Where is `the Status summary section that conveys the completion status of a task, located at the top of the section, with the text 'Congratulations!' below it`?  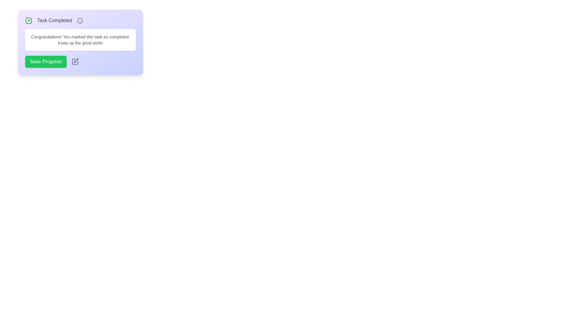 the Status summary section that conveys the completion status of a task, located at the top of the section, with the text 'Congratulations!' below it is located at coordinates (80, 20).